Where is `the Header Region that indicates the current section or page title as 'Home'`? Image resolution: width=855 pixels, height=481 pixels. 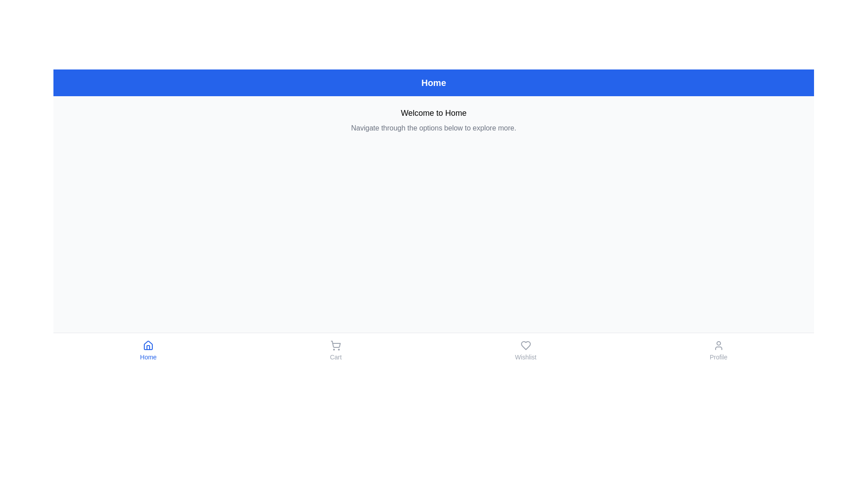 the Header Region that indicates the current section or page title as 'Home' is located at coordinates (434, 82).